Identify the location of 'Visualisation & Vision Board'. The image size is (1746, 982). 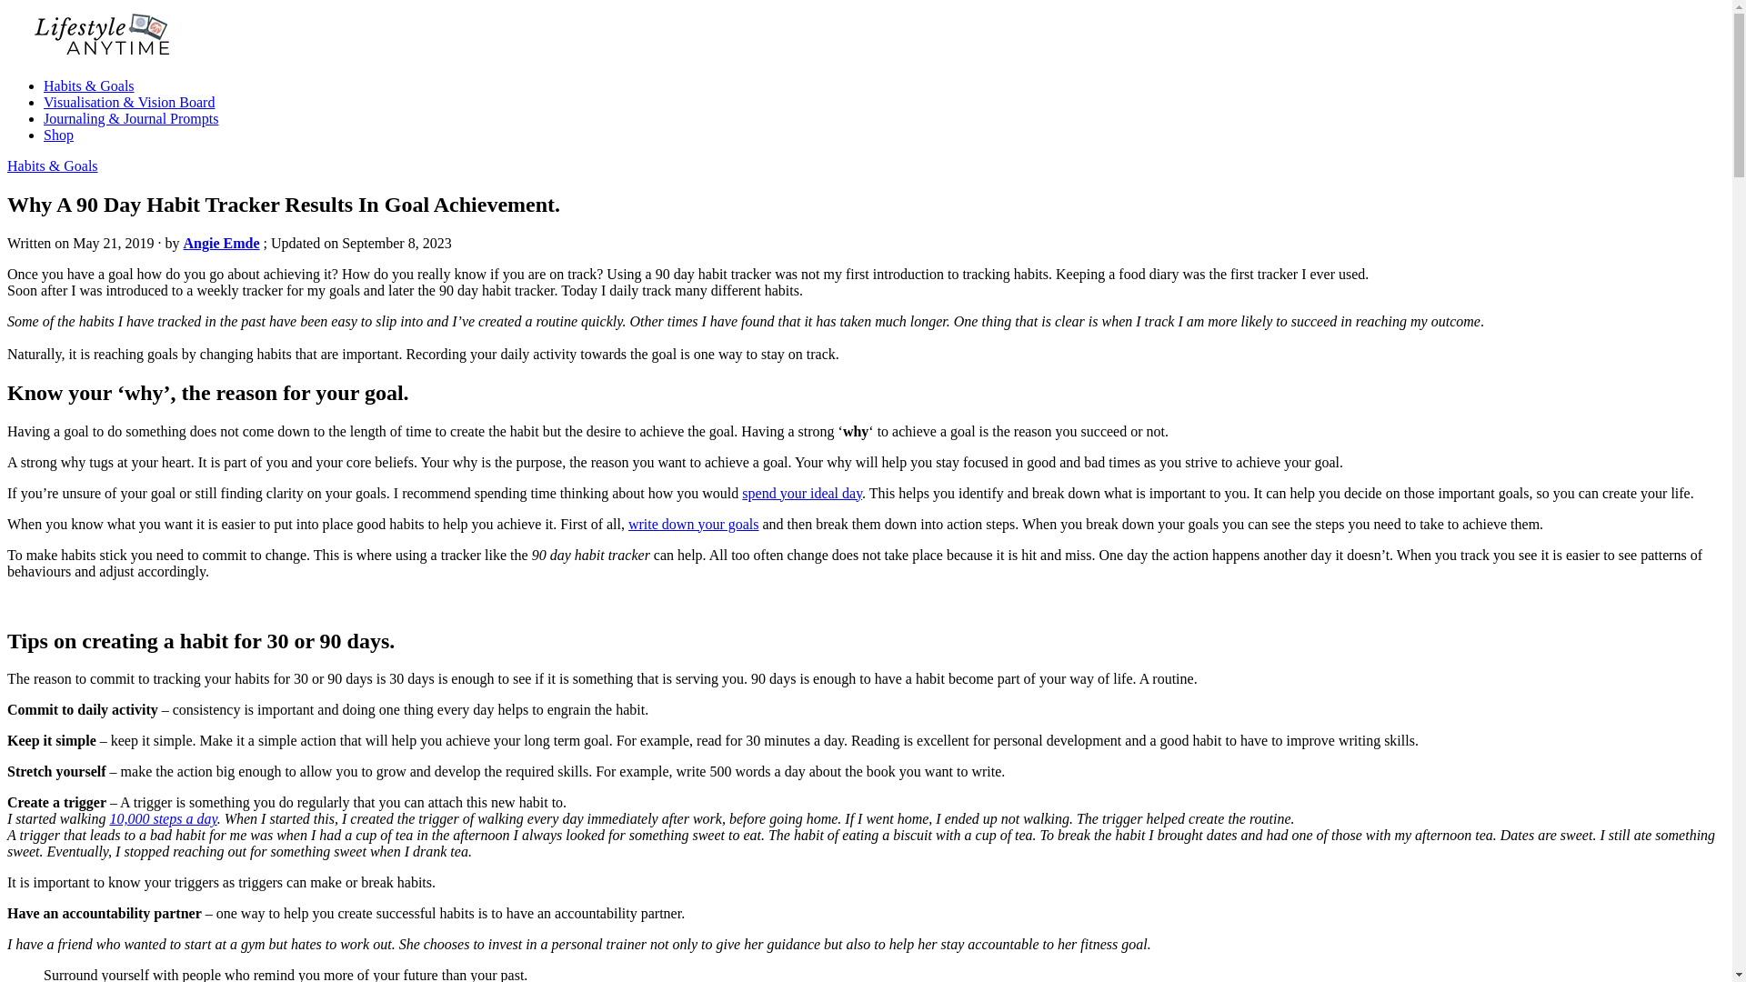
(128, 102).